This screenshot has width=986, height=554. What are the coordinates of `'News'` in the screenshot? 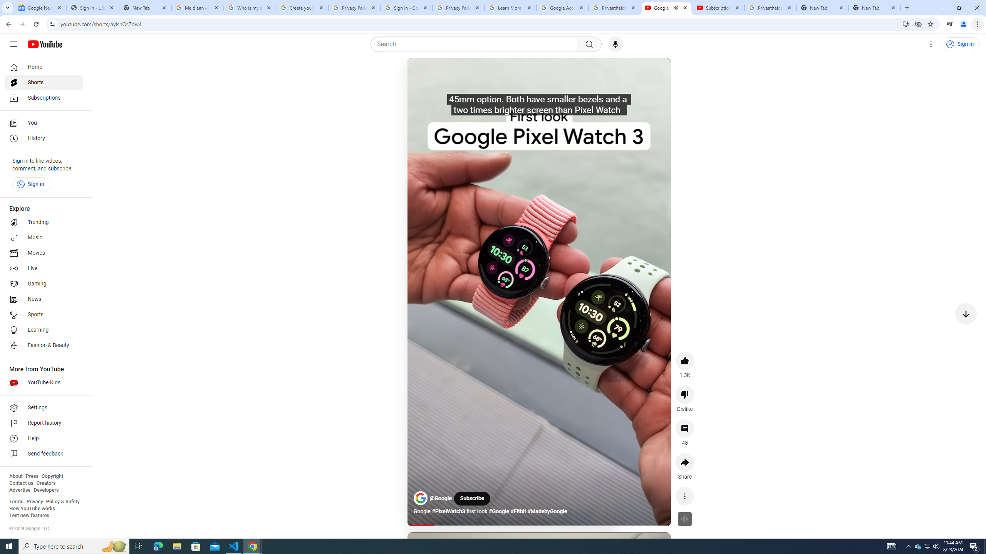 It's located at (44, 299).